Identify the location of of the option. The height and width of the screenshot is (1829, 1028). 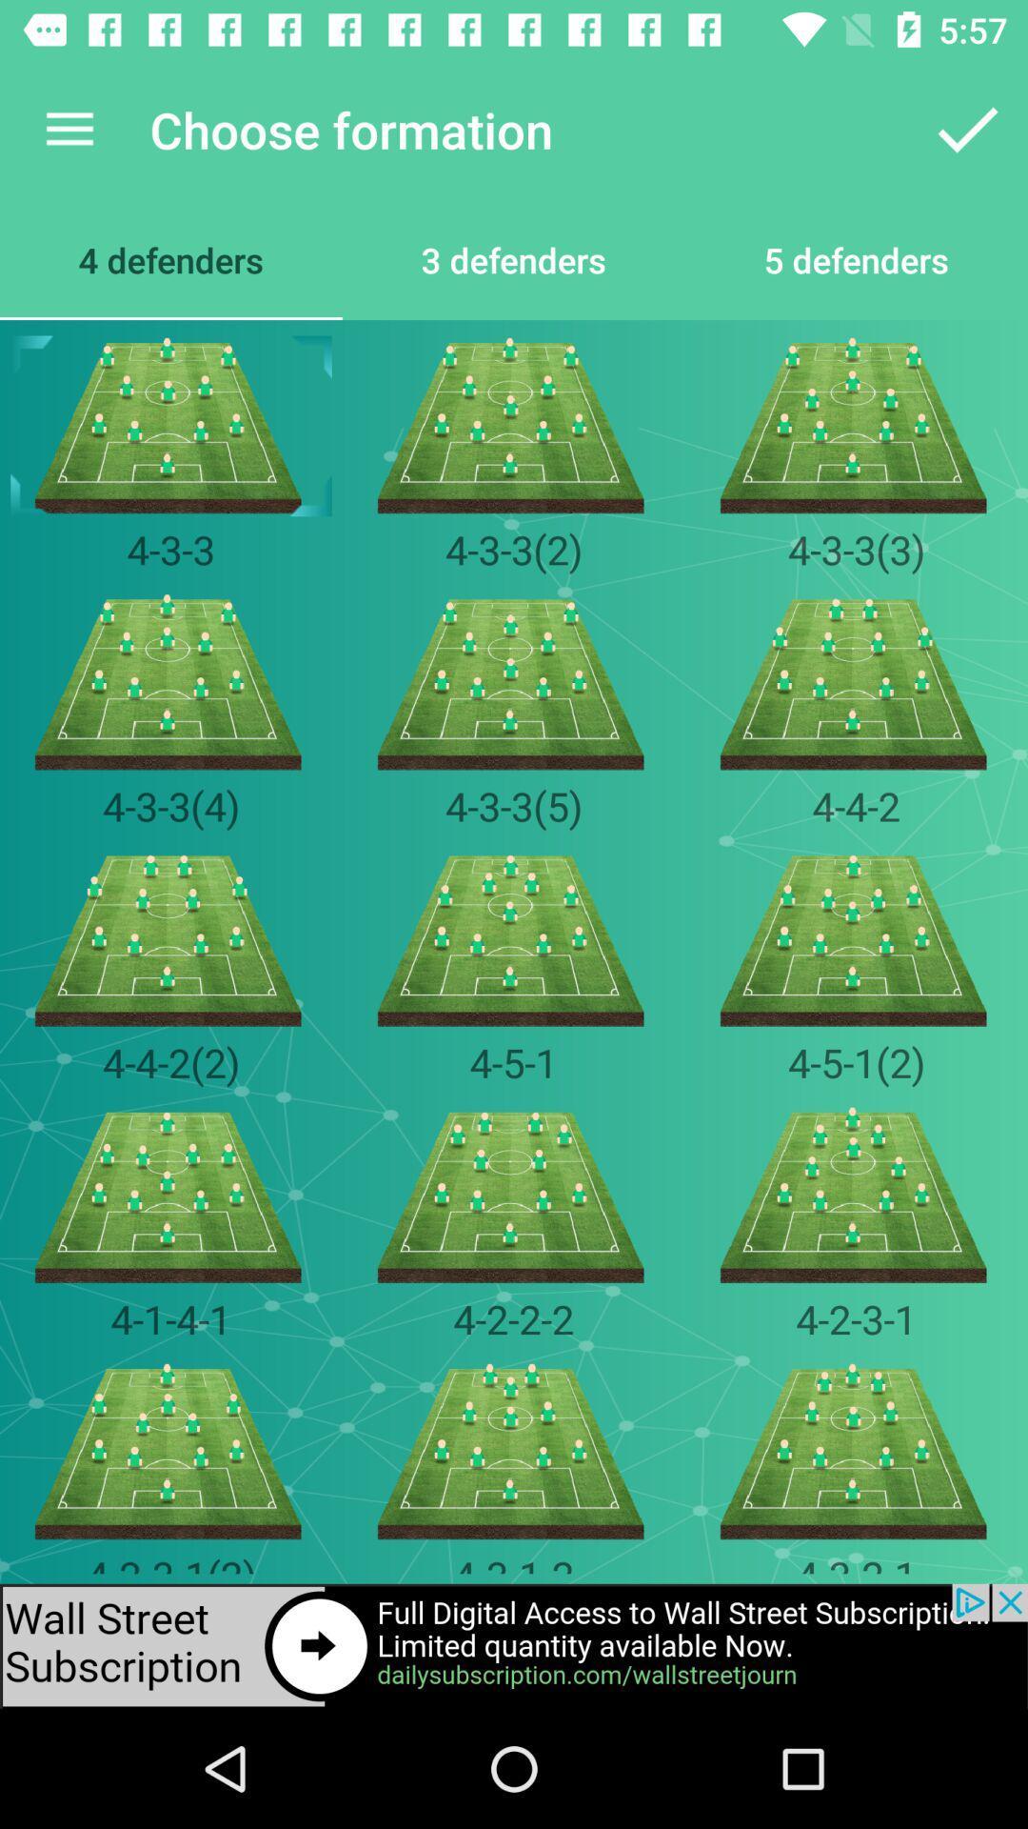
(514, 1645).